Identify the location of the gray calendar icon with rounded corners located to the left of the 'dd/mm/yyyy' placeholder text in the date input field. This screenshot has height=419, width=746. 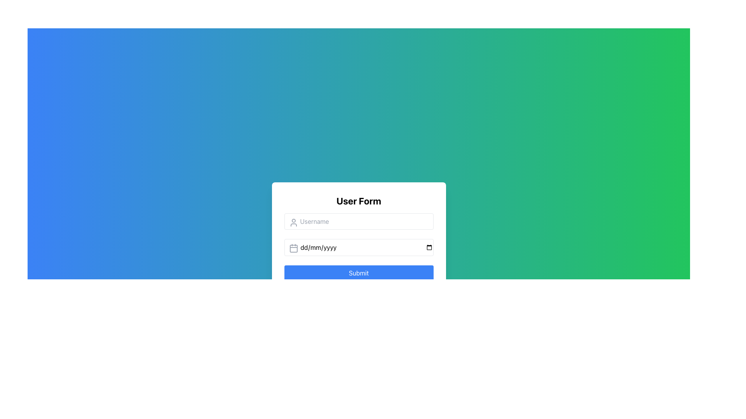
(293, 248).